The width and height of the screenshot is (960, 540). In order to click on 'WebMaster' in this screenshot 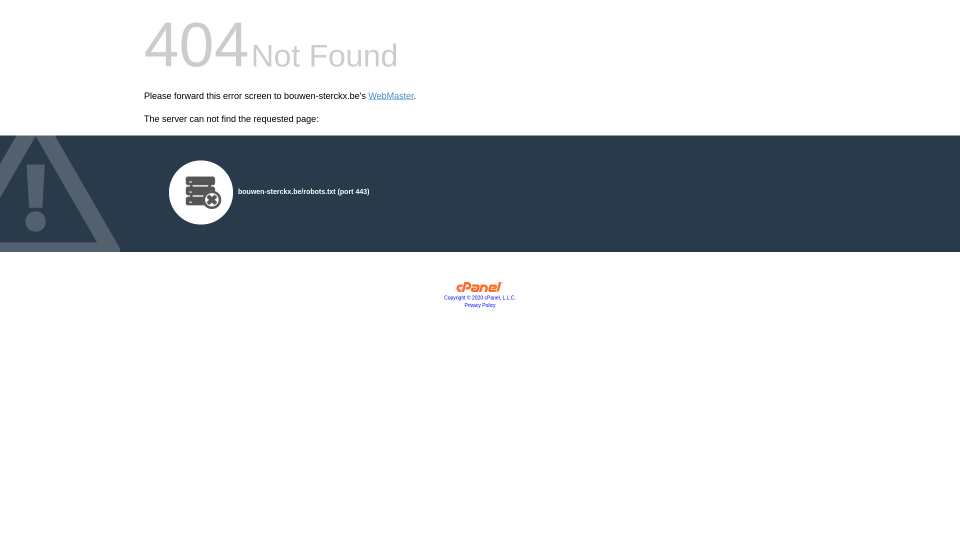, I will do `click(390, 96)`.